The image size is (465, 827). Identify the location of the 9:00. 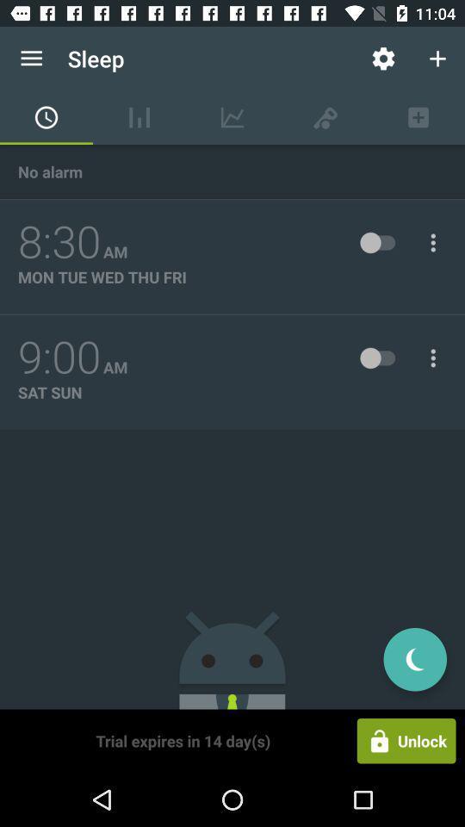
(59, 357).